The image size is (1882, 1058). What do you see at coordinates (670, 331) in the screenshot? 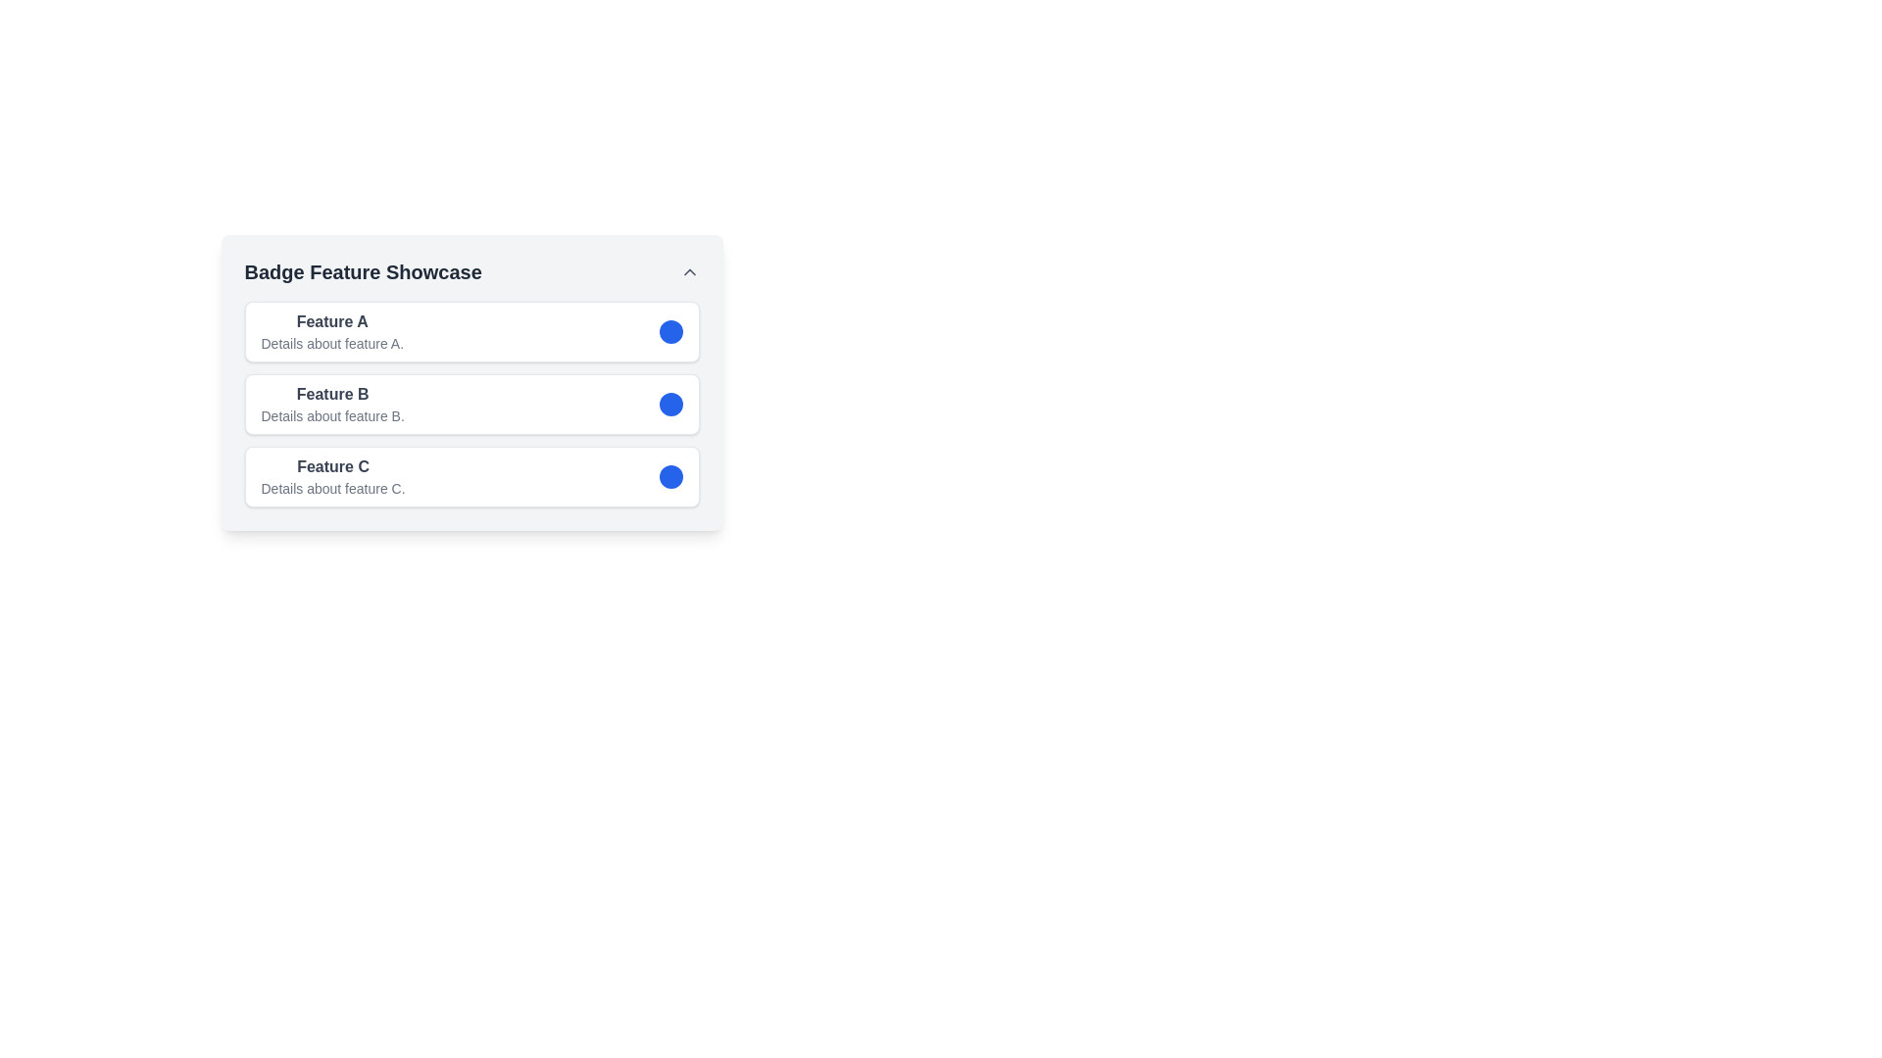
I see `the small circular badge labeled 'Active', which is bright blue with a white center, located to the far right of the 'Feature A' row` at bounding box center [670, 331].